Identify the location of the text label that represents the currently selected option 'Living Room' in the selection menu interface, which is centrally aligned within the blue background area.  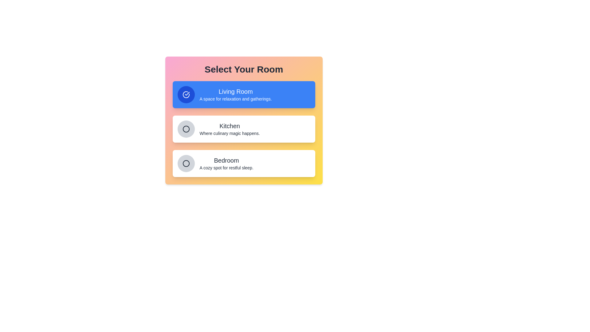
(235, 91).